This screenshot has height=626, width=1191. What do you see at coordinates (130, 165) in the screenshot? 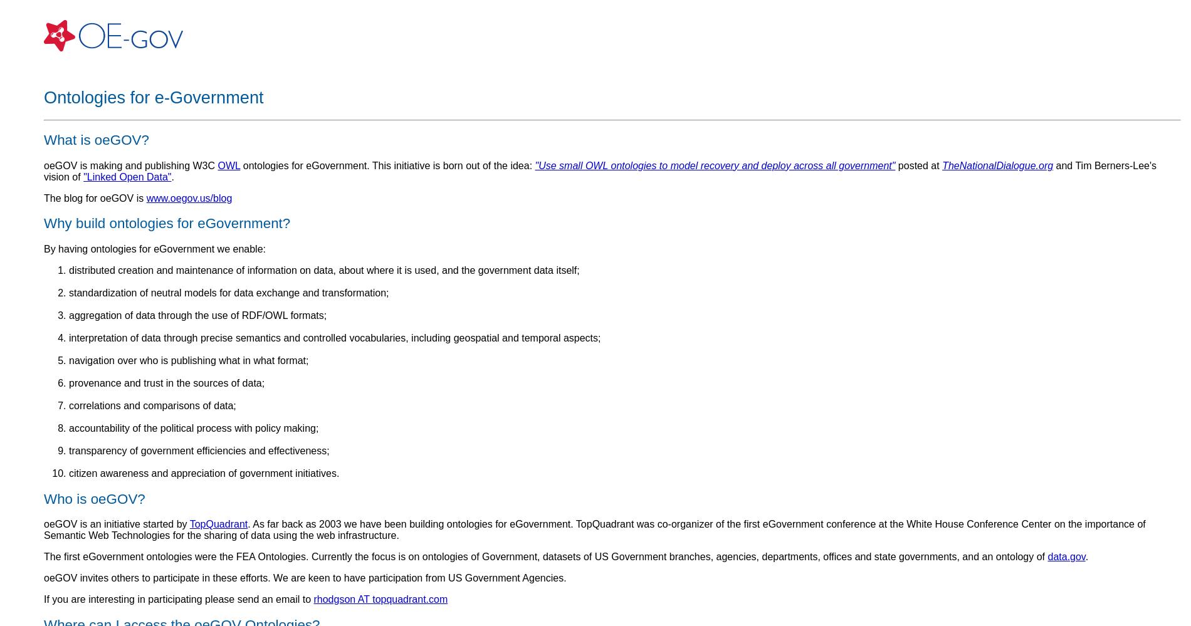
I see `'oeGOV is making and publishing W3C'` at bounding box center [130, 165].